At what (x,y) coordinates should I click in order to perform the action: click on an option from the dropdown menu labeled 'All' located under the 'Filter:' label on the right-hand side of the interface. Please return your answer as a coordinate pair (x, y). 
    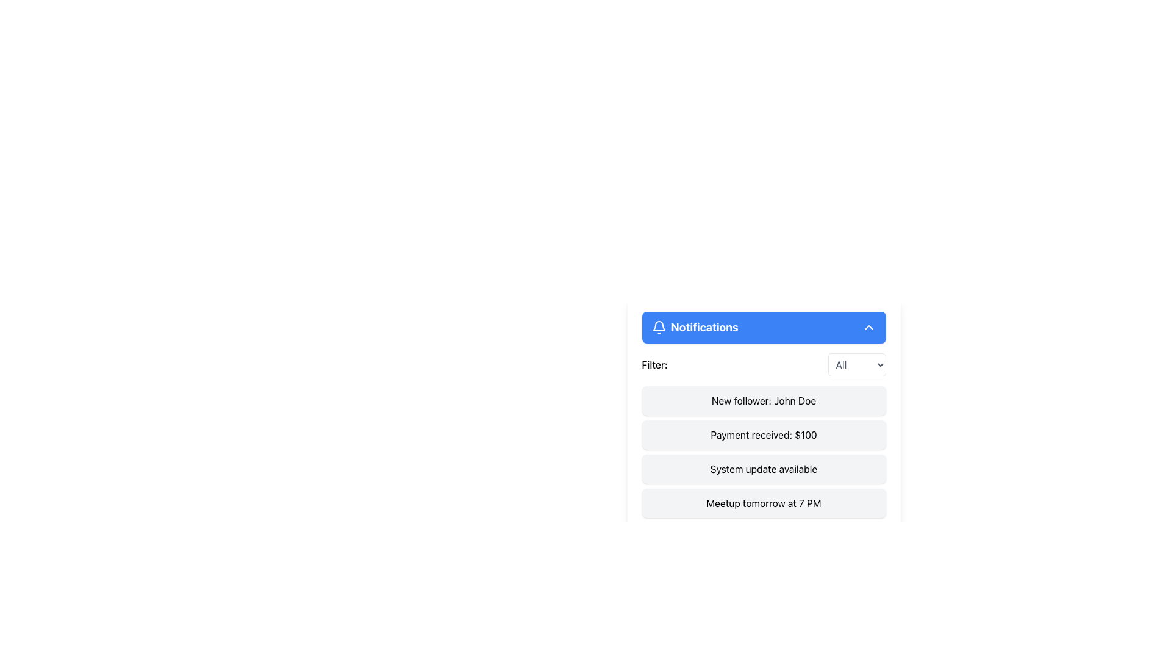
    Looking at the image, I should click on (856, 364).